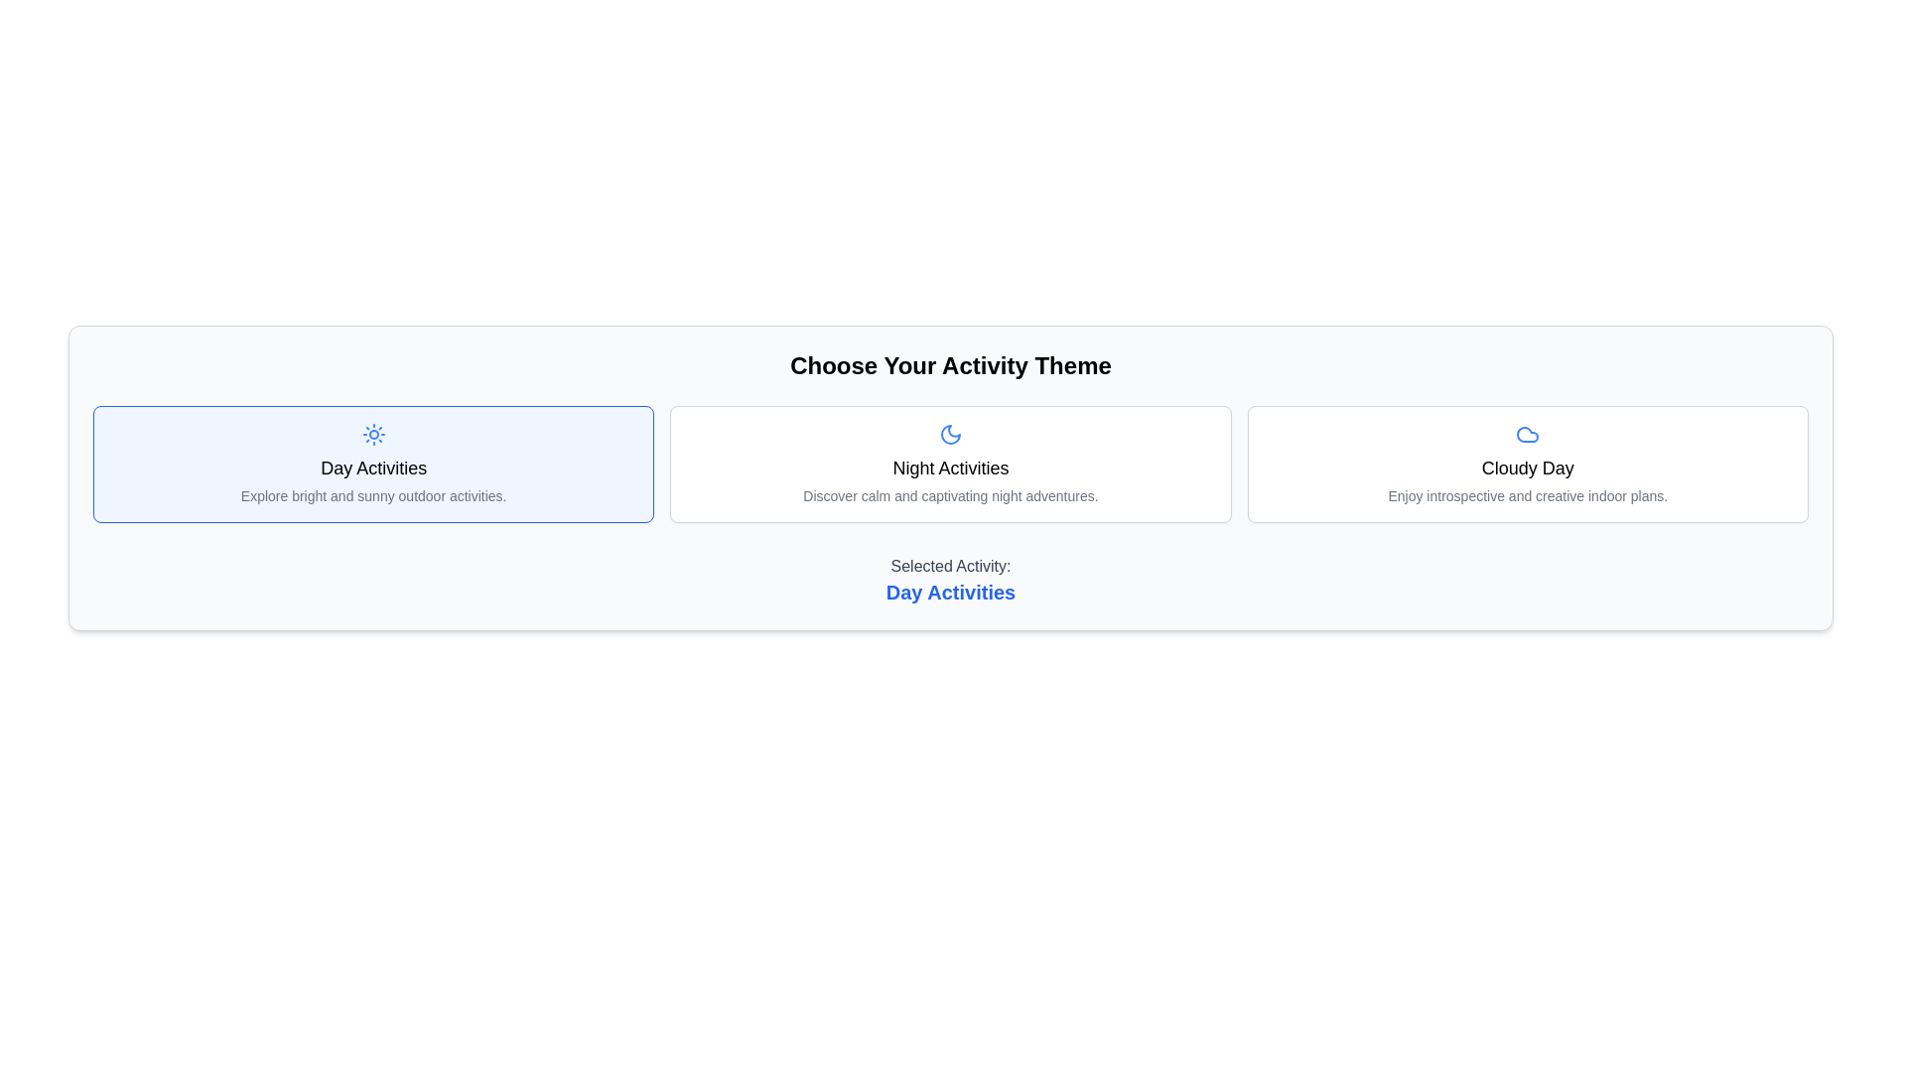  Describe the element at coordinates (950, 566) in the screenshot. I see `the text label that displays 'Selected Activity:' in gray font, positioned beneath the 'Choose Your Activity Theme' section and above the 'Day Activities' text` at that location.